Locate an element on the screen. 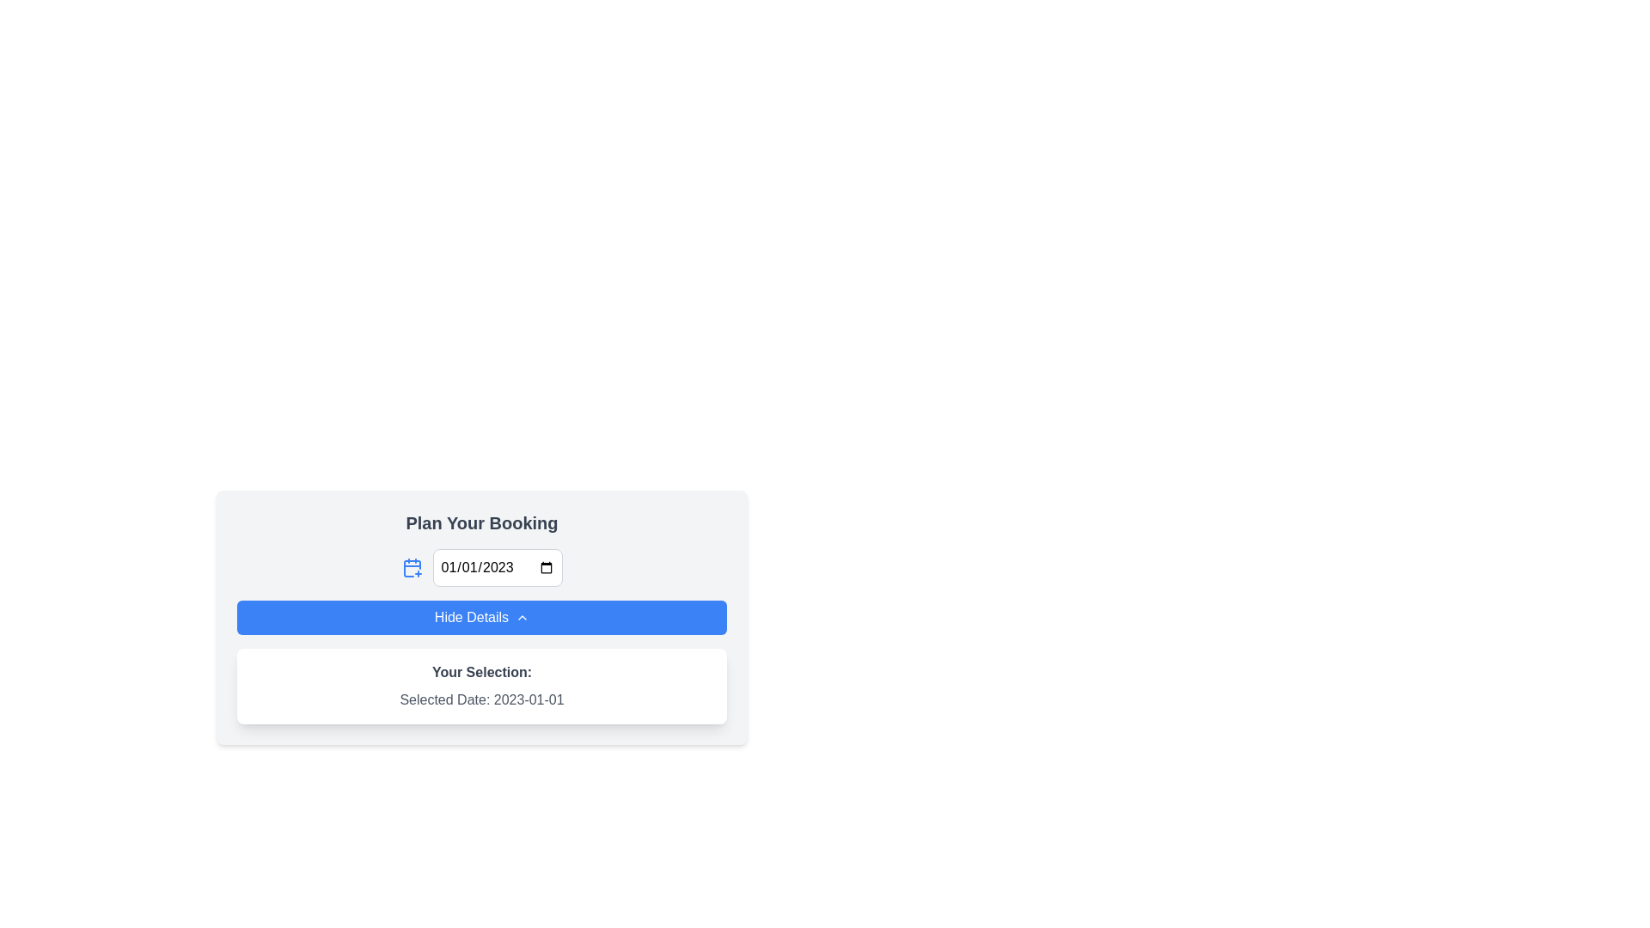  the icon located to the right of the 'Hide Details' text within the button in the lower section of the 'Plan Your Booking' interface panel is located at coordinates (522, 616).